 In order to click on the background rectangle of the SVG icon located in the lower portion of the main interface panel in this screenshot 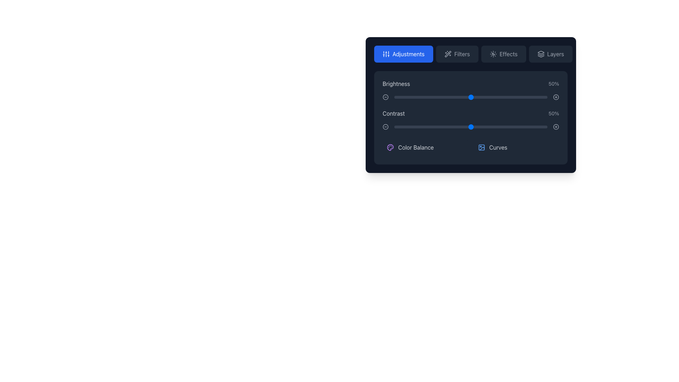, I will do `click(481, 147)`.